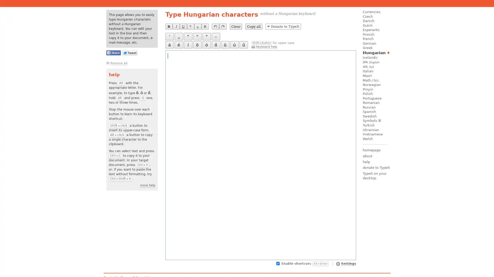 Image resolution: width=494 pixels, height=277 pixels. What do you see at coordinates (188, 44) in the screenshot?
I see `i` at bounding box center [188, 44].